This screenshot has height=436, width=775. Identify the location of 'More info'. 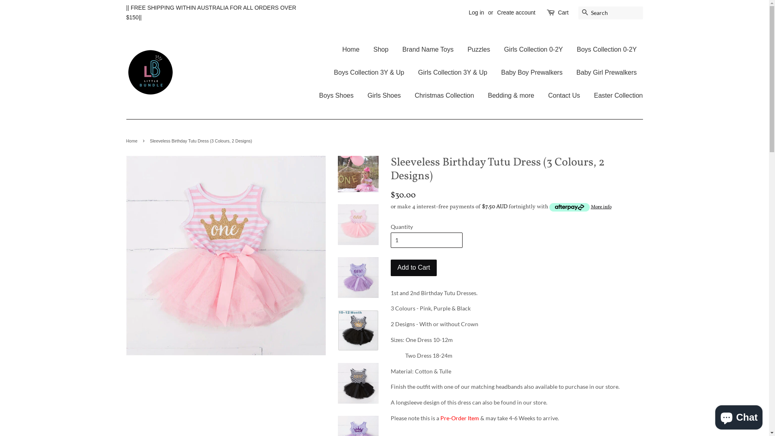
(579, 207).